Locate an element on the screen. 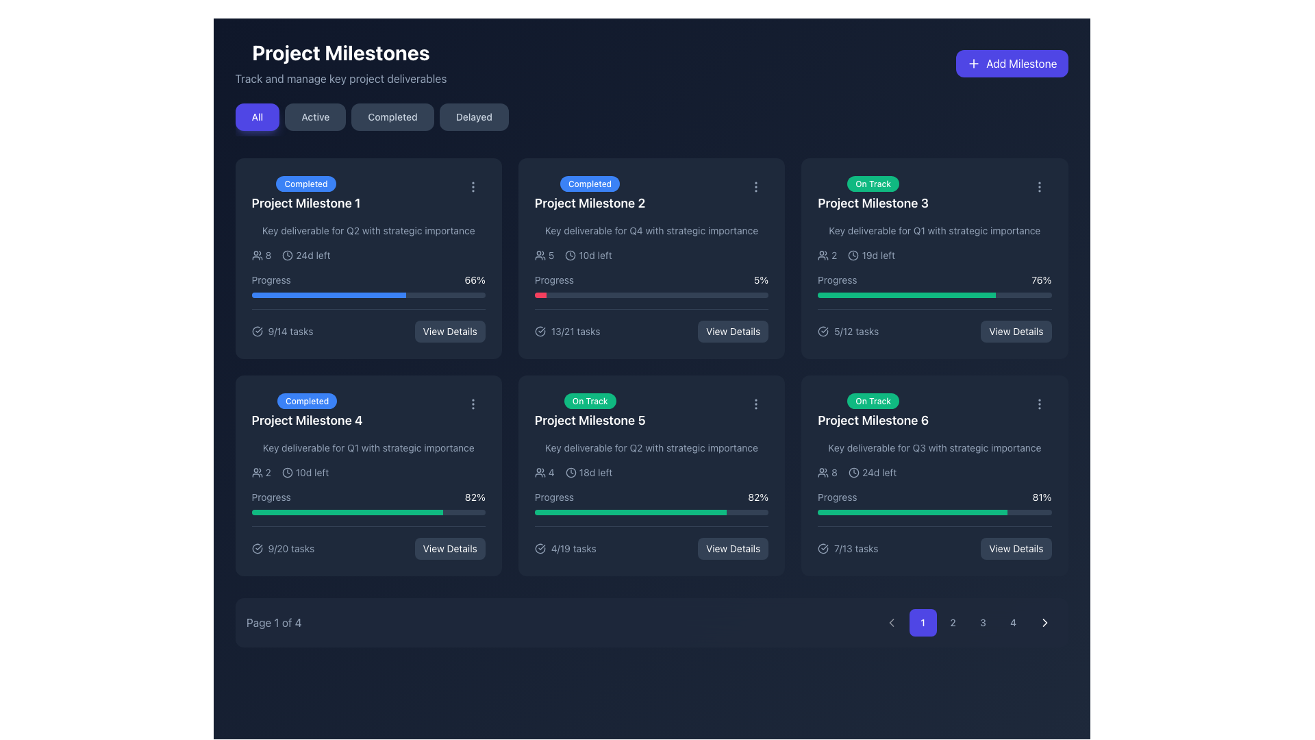  the button in the top-right section of the 'Project Milestone 3' card to trigger potential hover states is located at coordinates (1016, 331).